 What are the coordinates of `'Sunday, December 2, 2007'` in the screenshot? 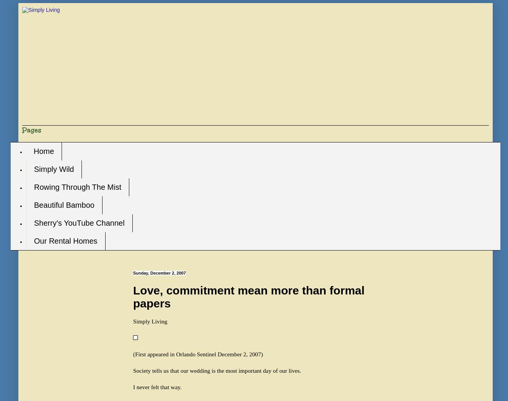 It's located at (159, 273).